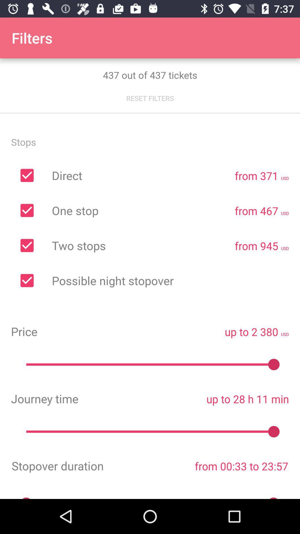 This screenshot has width=300, height=534. What do you see at coordinates (150, 98) in the screenshot?
I see `the reset filters icon` at bounding box center [150, 98].